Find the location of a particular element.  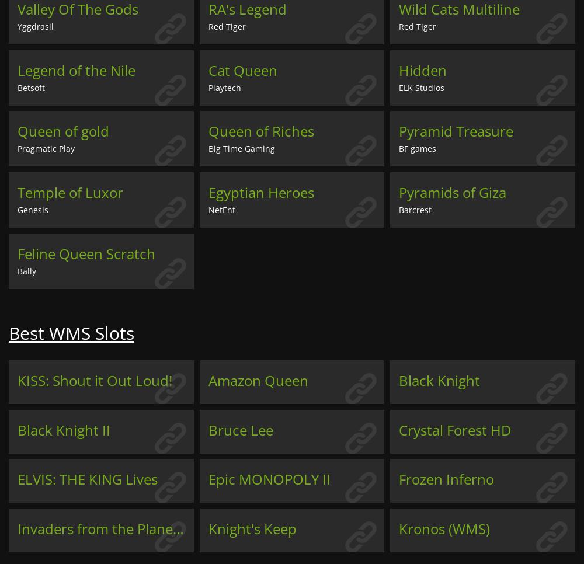

'Kronos (WMS)' is located at coordinates (444, 528).